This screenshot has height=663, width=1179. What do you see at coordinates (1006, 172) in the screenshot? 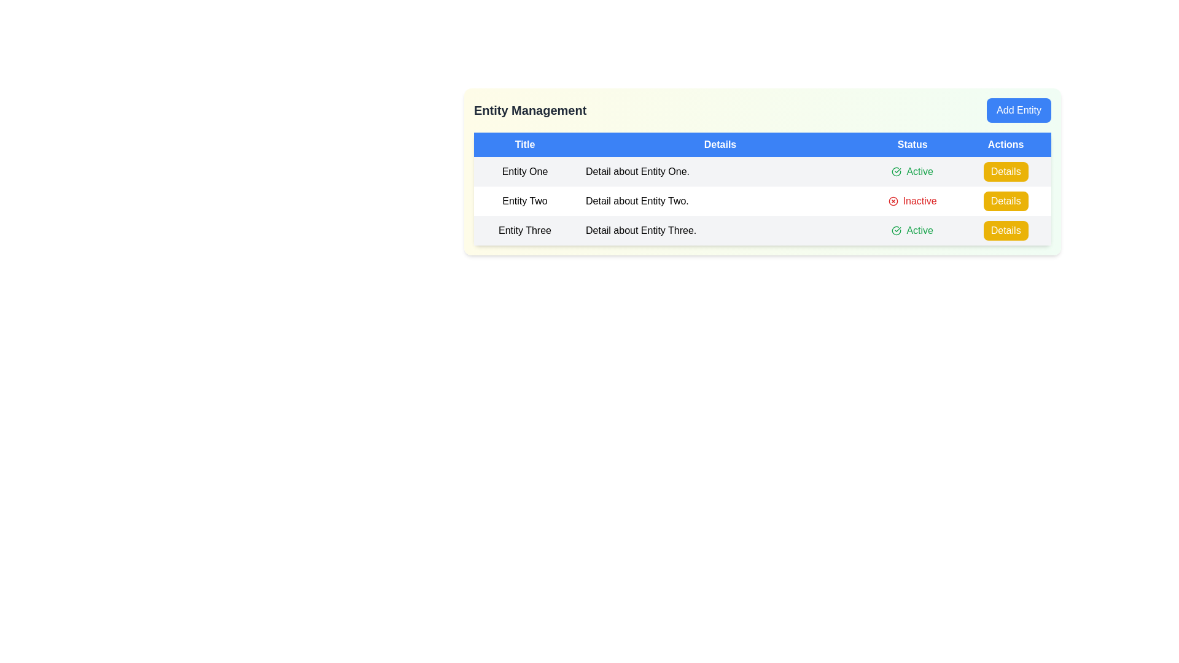
I see `the action button in the 'Actions' column for the 'Entity Two' entry to observe the style change` at bounding box center [1006, 172].